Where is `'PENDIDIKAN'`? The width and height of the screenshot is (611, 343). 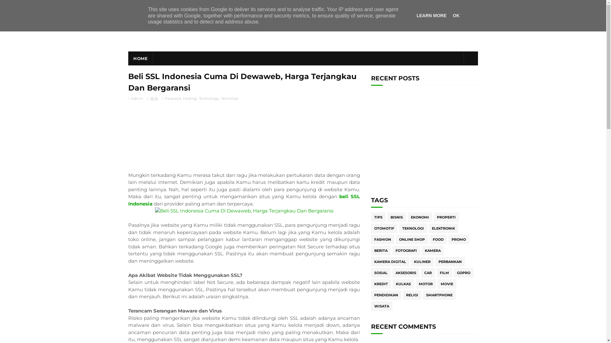 'PENDIDIKAN' is located at coordinates (386, 295).